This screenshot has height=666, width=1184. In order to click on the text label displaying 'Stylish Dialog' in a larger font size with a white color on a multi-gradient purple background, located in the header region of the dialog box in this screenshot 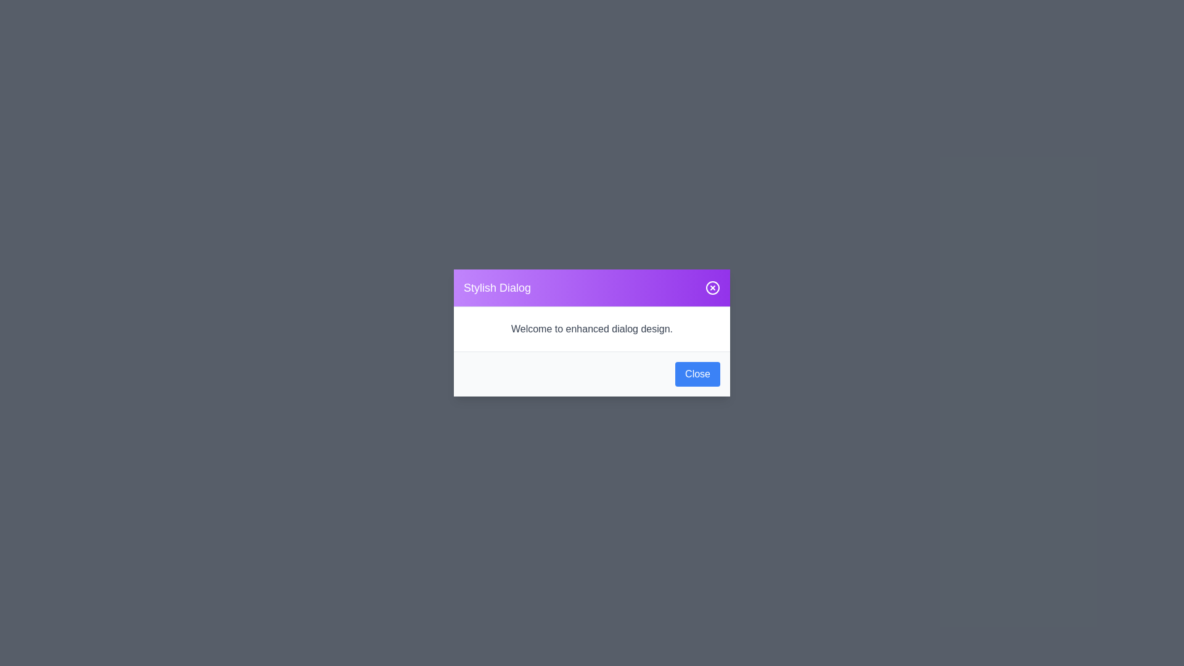, I will do `click(497, 287)`.